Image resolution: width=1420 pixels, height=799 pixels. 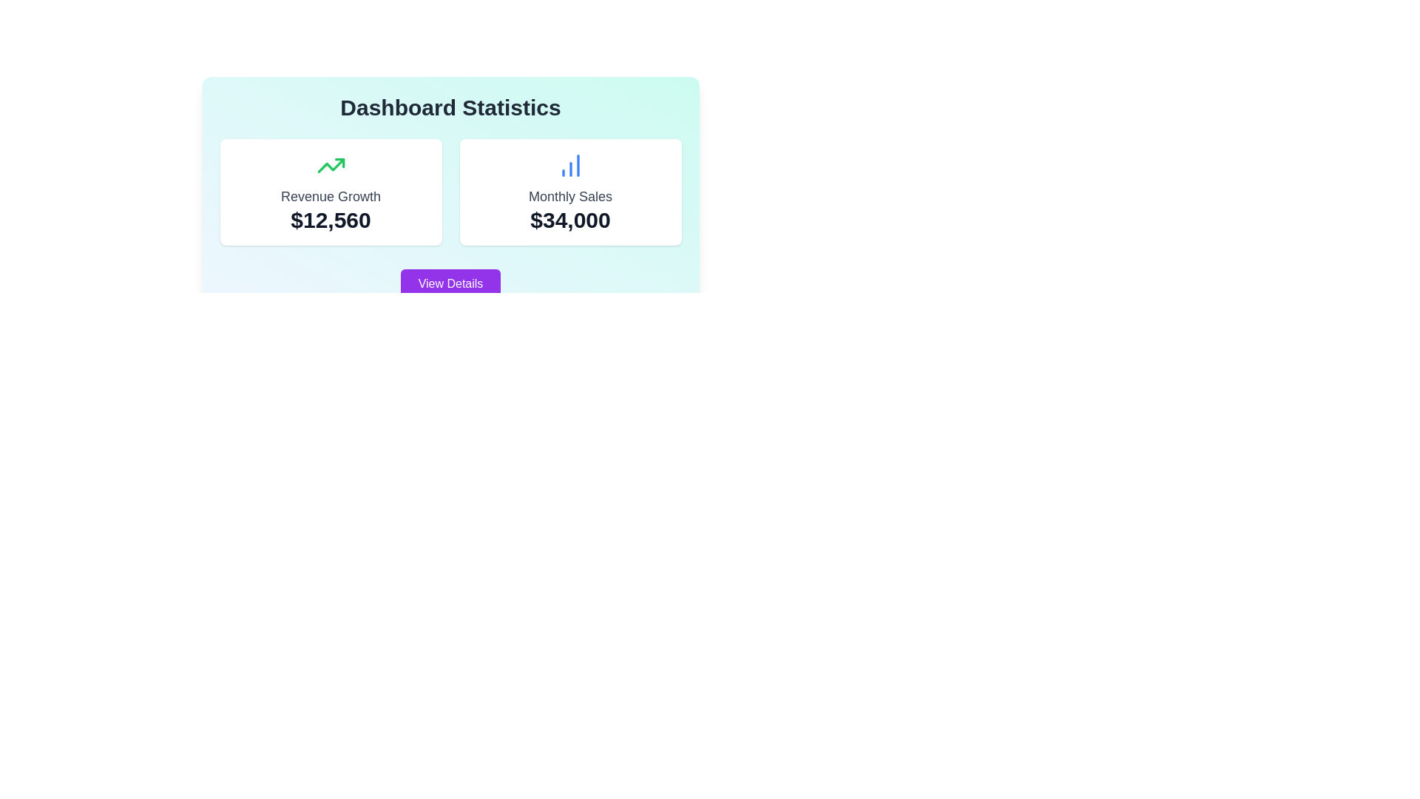 I want to click on the monetary value display element '$12,560' which is bold, large, and dark gray in color, located within the white card styled with rounded corners and shadowing, directly below the header 'Revenue Growth', so click(x=330, y=220).